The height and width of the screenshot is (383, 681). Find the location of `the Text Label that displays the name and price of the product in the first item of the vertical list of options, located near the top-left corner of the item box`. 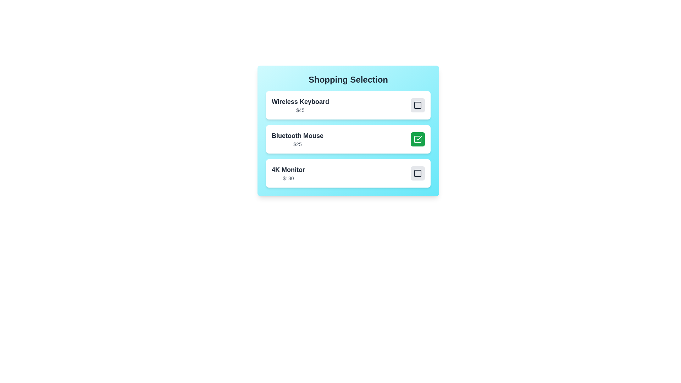

the Text Label that displays the name and price of the product in the first item of the vertical list of options, located near the top-left corner of the item box is located at coordinates (300, 105).